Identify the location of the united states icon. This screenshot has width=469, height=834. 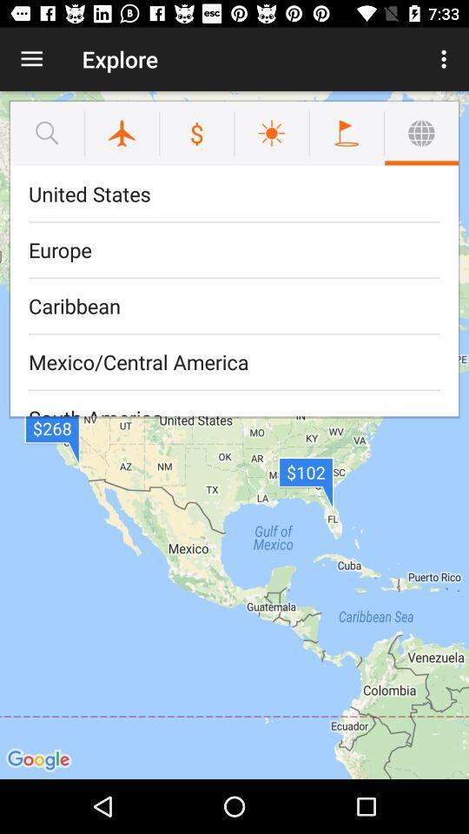
(234, 194).